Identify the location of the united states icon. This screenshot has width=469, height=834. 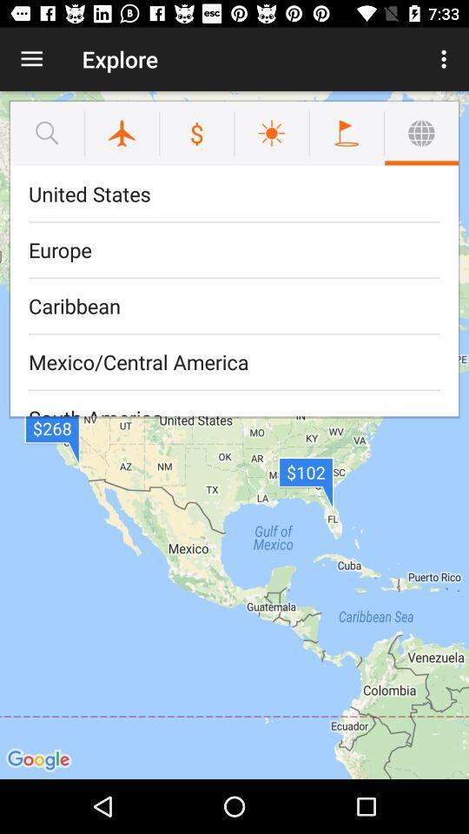
(234, 194).